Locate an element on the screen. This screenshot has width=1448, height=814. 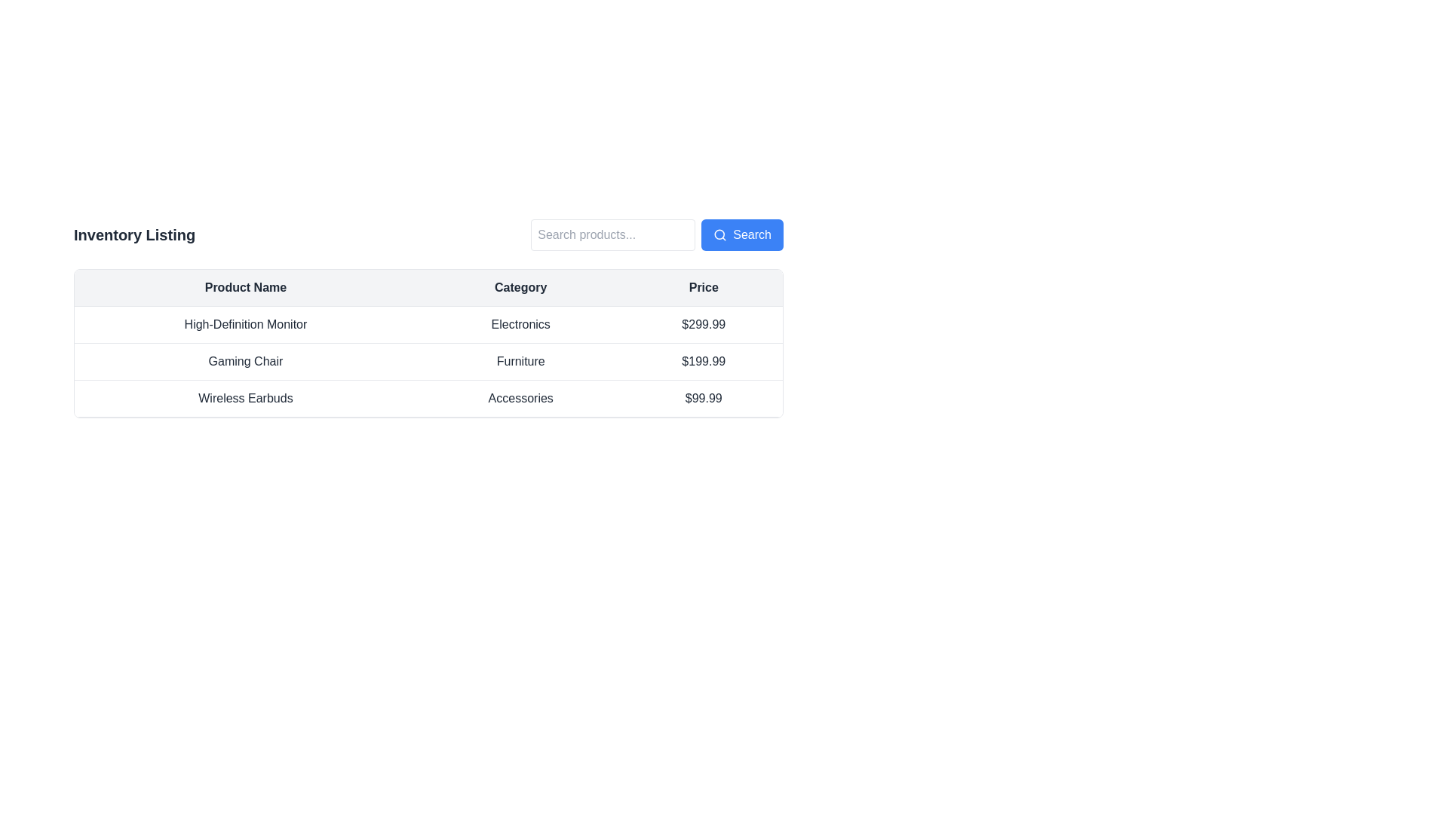
the 'Price' column header, which is the third header in the table, indicating the price information of listed items is located at coordinates (703, 288).